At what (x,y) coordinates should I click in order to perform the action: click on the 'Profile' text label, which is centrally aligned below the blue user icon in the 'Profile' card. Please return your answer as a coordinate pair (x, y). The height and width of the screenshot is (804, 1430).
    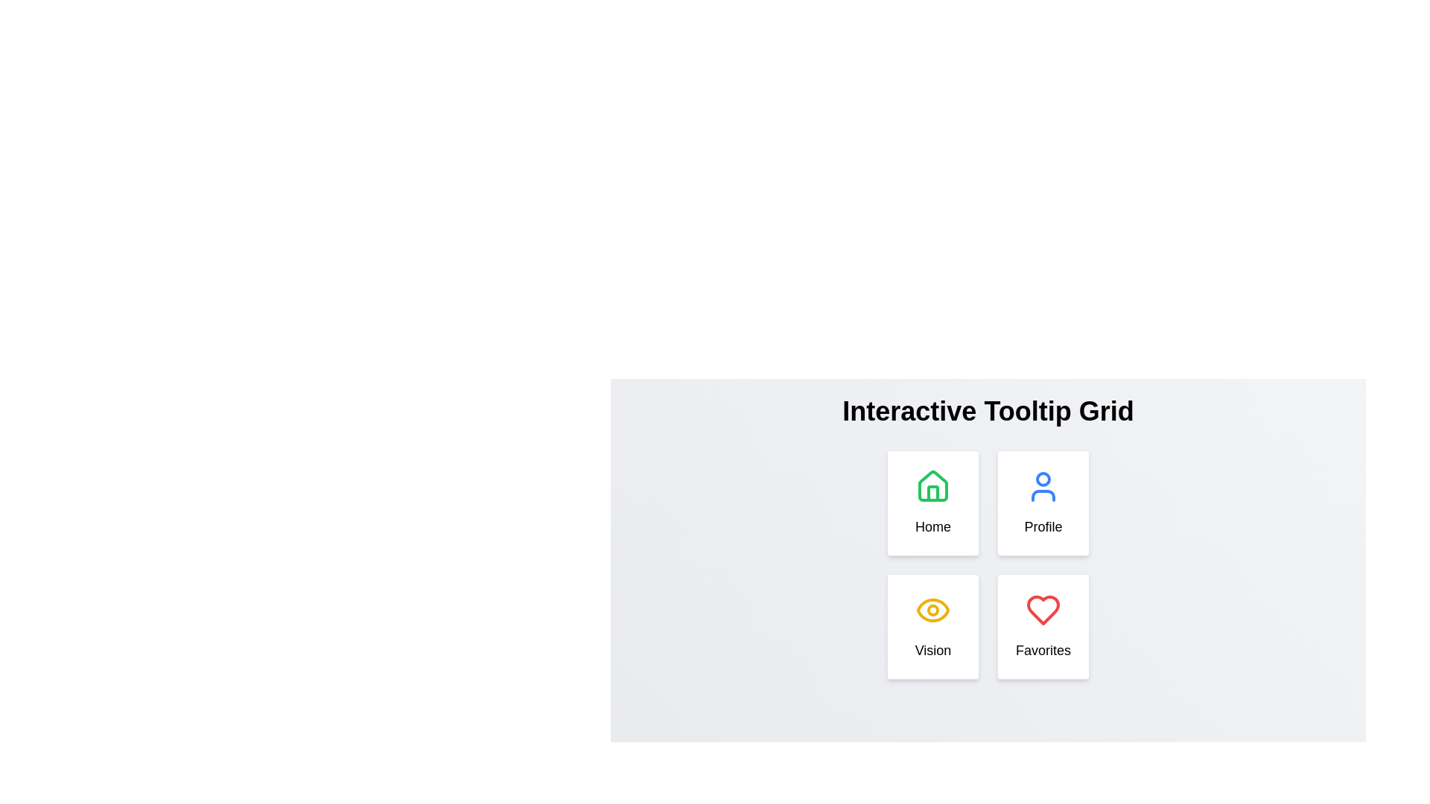
    Looking at the image, I should click on (1043, 526).